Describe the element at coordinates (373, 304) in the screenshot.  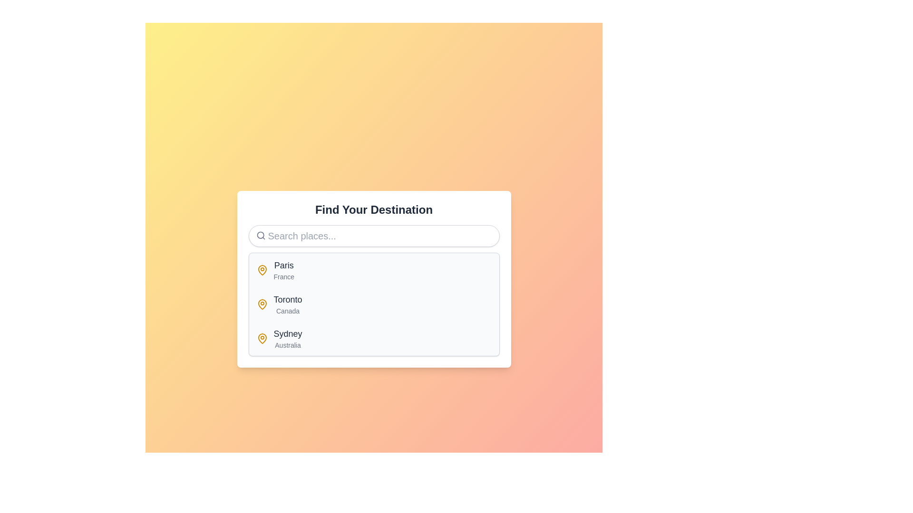
I see `the second list item, which contains the location 'Toronto, Canada', for rearranging it within the vertical list of locations` at that location.